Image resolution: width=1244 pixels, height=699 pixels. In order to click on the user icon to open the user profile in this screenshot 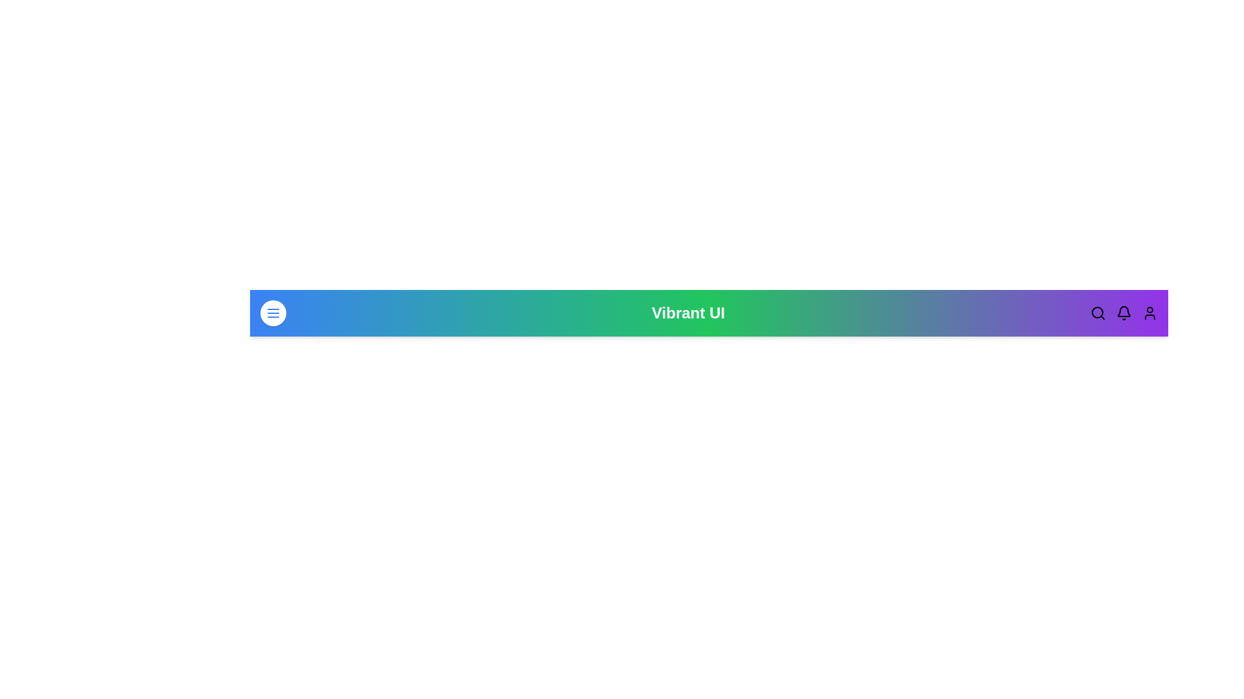, I will do `click(1150, 313)`.